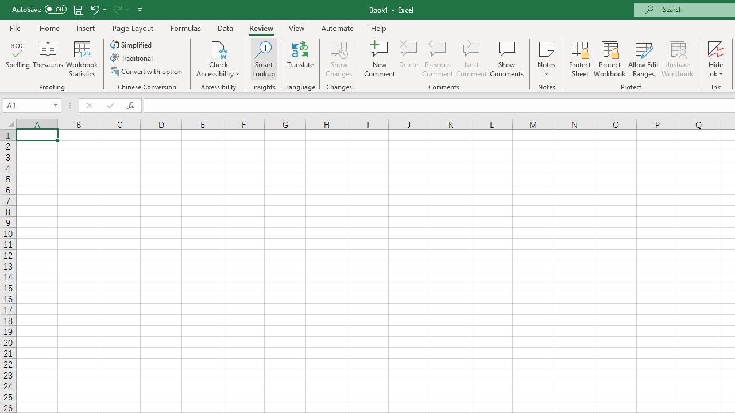 The height and width of the screenshot is (413, 735). Describe the element at coordinates (380, 59) in the screenshot. I see `'New Comment'` at that location.